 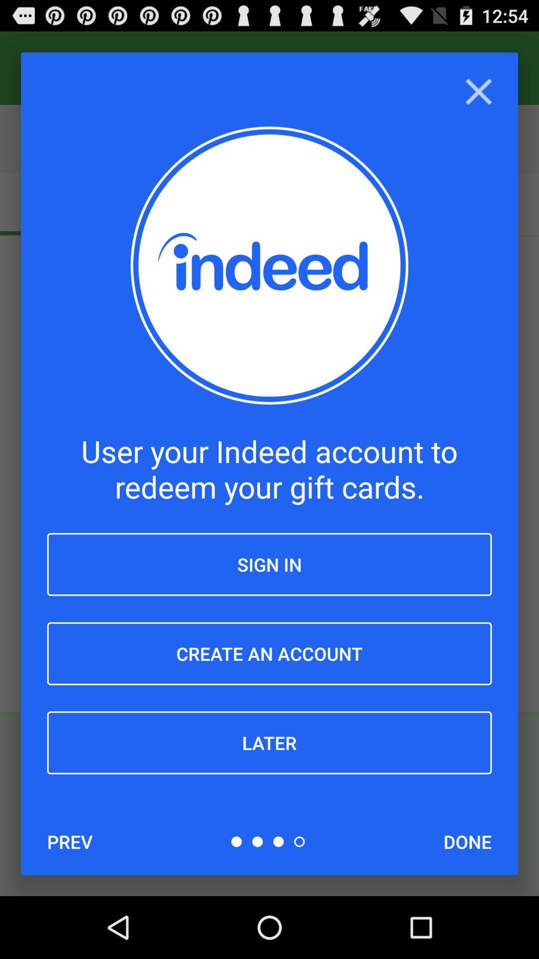 I want to click on the icon below the later item, so click(x=468, y=841).